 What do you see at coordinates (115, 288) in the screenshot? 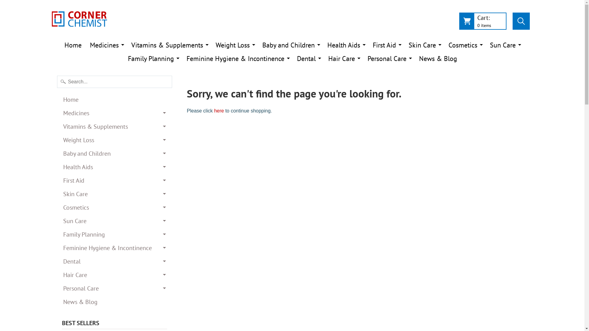
I see `'Personal Care'` at bounding box center [115, 288].